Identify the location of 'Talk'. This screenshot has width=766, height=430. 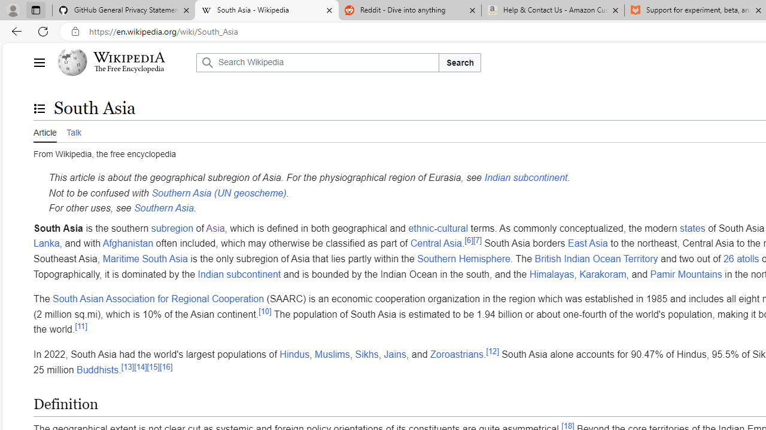
(72, 131).